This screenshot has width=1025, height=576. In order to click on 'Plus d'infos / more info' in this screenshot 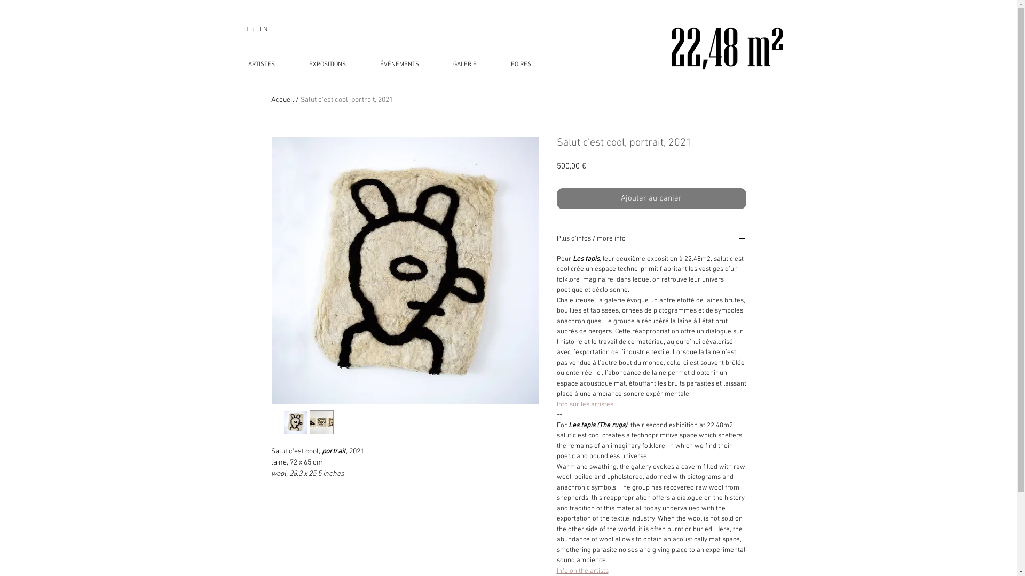, I will do `click(650, 240)`.